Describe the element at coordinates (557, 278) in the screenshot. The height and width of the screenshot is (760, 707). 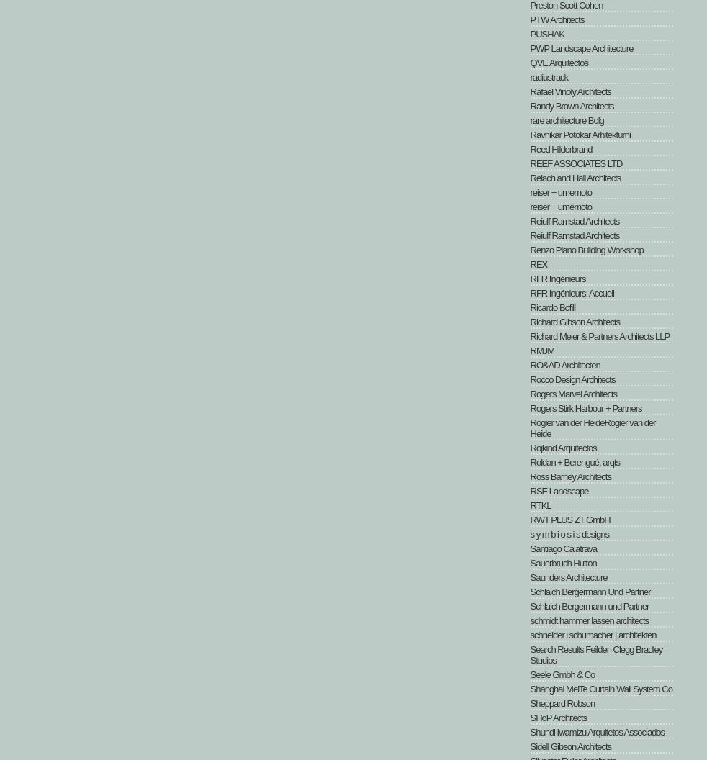
I see `'RFR Ingénieurs'` at that location.